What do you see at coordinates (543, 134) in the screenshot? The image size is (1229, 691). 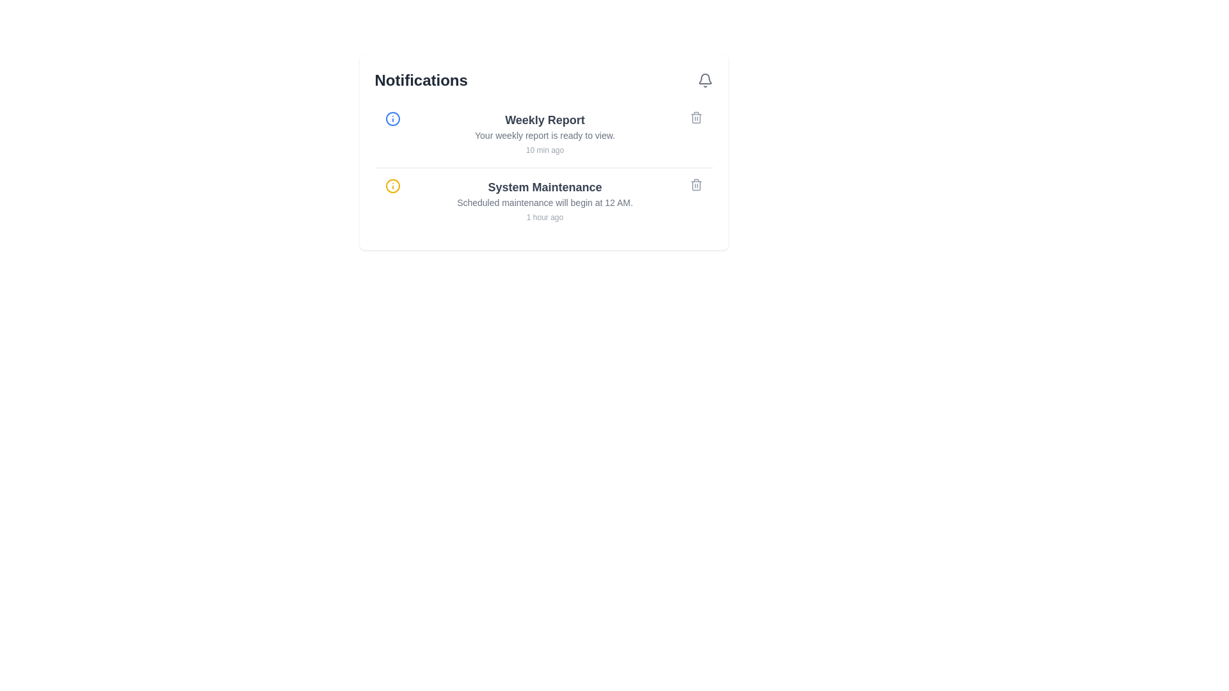 I see `the notification item with the header 'Weekly Report', subtitle 'Your weekly report is ready to view.', and timestamp '10 min ago'` at bounding box center [543, 134].